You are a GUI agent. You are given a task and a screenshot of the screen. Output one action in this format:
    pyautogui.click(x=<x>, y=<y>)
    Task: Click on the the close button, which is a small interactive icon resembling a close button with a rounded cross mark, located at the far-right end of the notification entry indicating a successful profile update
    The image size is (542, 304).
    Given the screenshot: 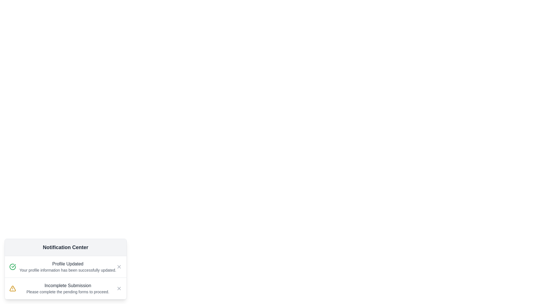 What is the action you would take?
    pyautogui.click(x=119, y=267)
    